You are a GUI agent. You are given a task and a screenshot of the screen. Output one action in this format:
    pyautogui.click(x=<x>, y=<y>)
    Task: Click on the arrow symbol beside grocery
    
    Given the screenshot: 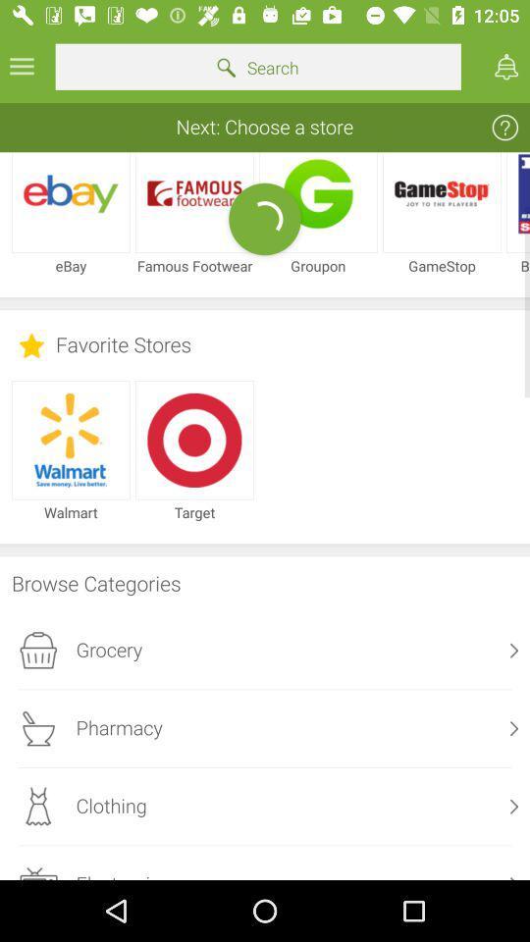 What is the action you would take?
    pyautogui.click(x=514, y=651)
    